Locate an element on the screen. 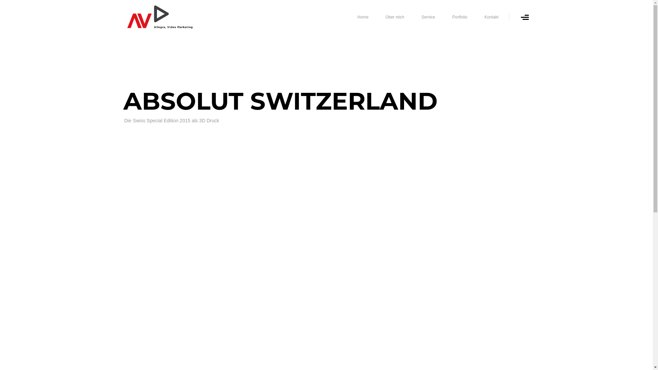 The width and height of the screenshot is (658, 370). 'Kontakt' is located at coordinates (491, 17).